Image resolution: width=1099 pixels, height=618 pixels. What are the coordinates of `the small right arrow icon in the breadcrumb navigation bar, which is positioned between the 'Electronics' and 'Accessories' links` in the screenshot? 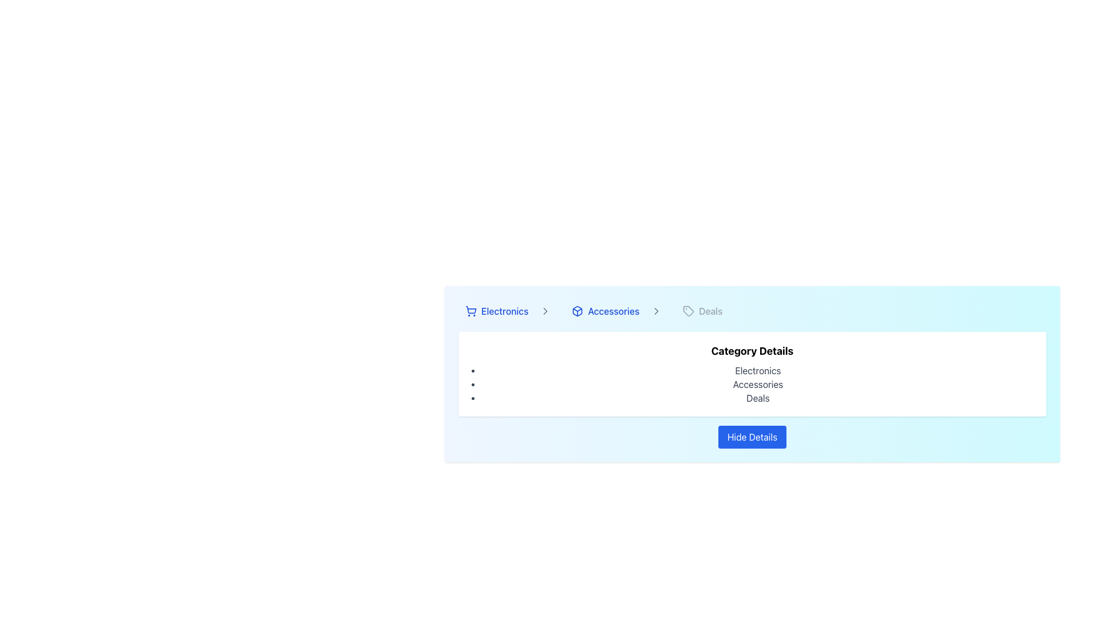 It's located at (545, 311).